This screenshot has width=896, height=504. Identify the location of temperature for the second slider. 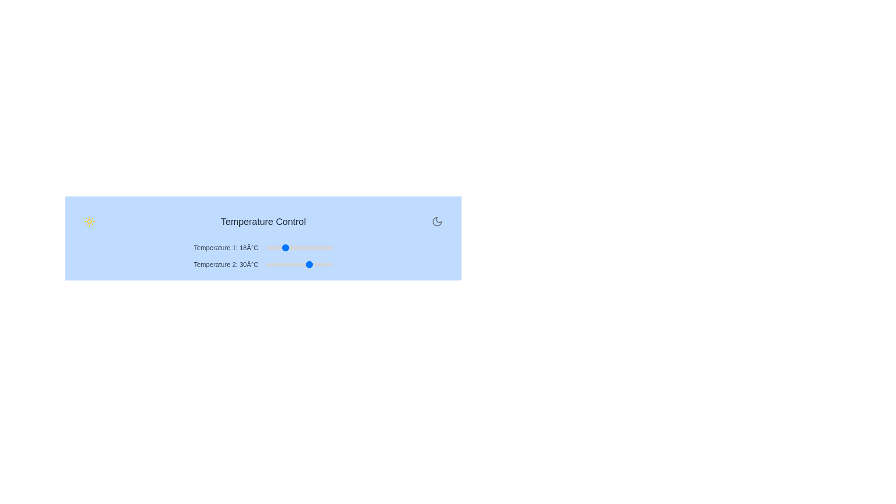
(283, 265).